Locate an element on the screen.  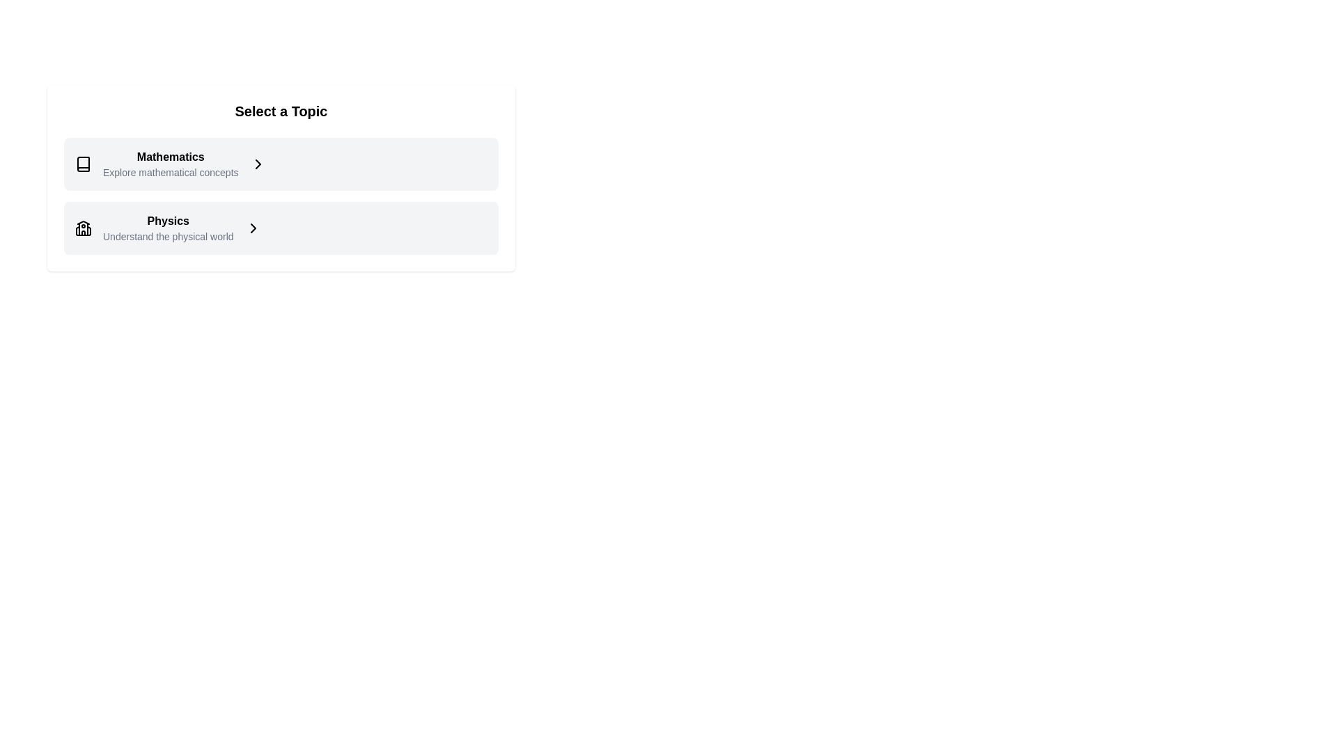
text content of the descriptive label for the topic 'Mathematics', which indicates the title and provides a brief explanation about exploring mathematical concepts is located at coordinates (170, 163).